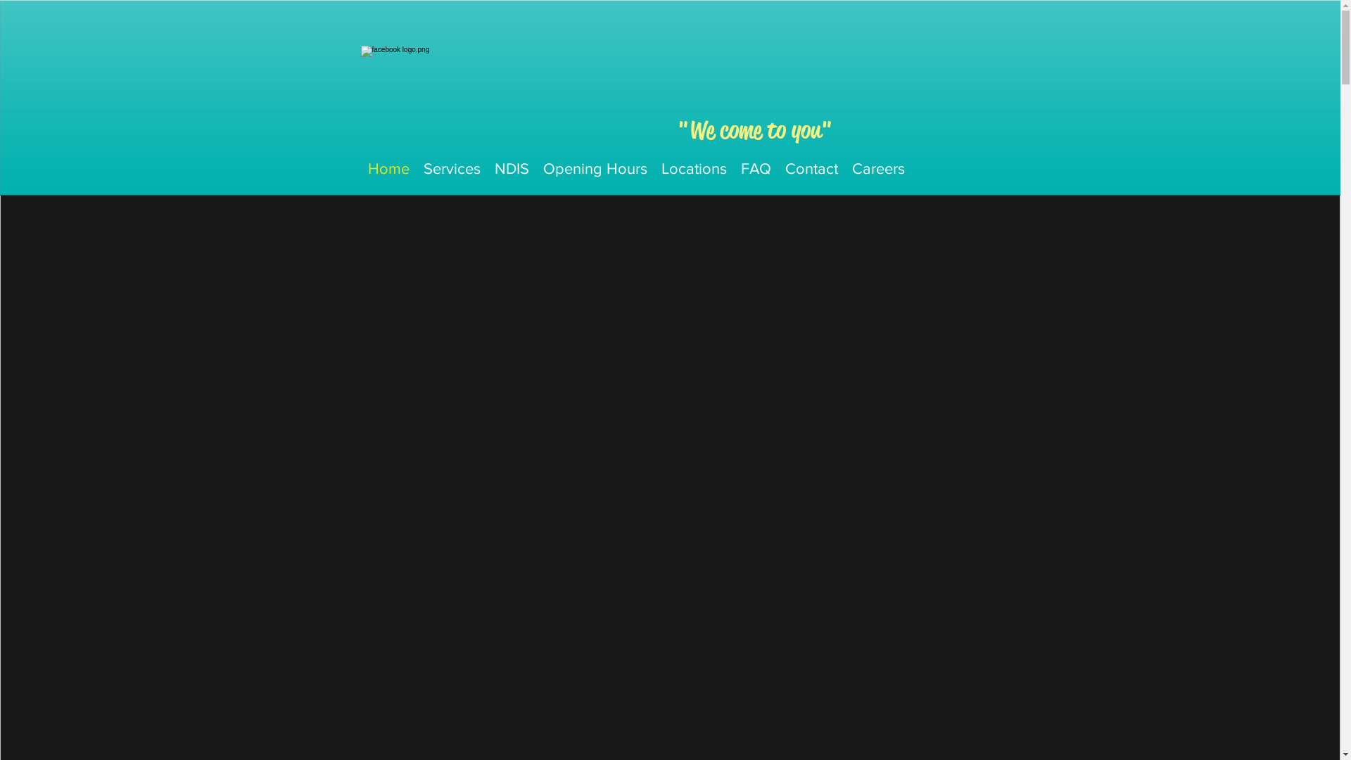 This screenshot has height=760, width=1351. I want to click on 'Contact', so click(811, 167).